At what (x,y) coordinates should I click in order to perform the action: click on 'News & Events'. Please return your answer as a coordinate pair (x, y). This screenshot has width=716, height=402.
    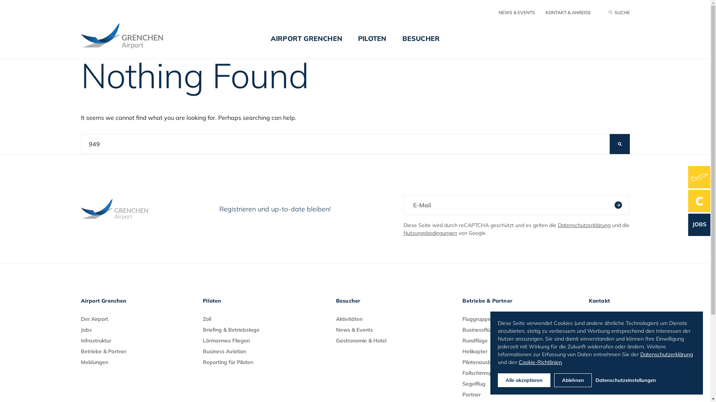
    Looking at the image, I should click on (354, 329).